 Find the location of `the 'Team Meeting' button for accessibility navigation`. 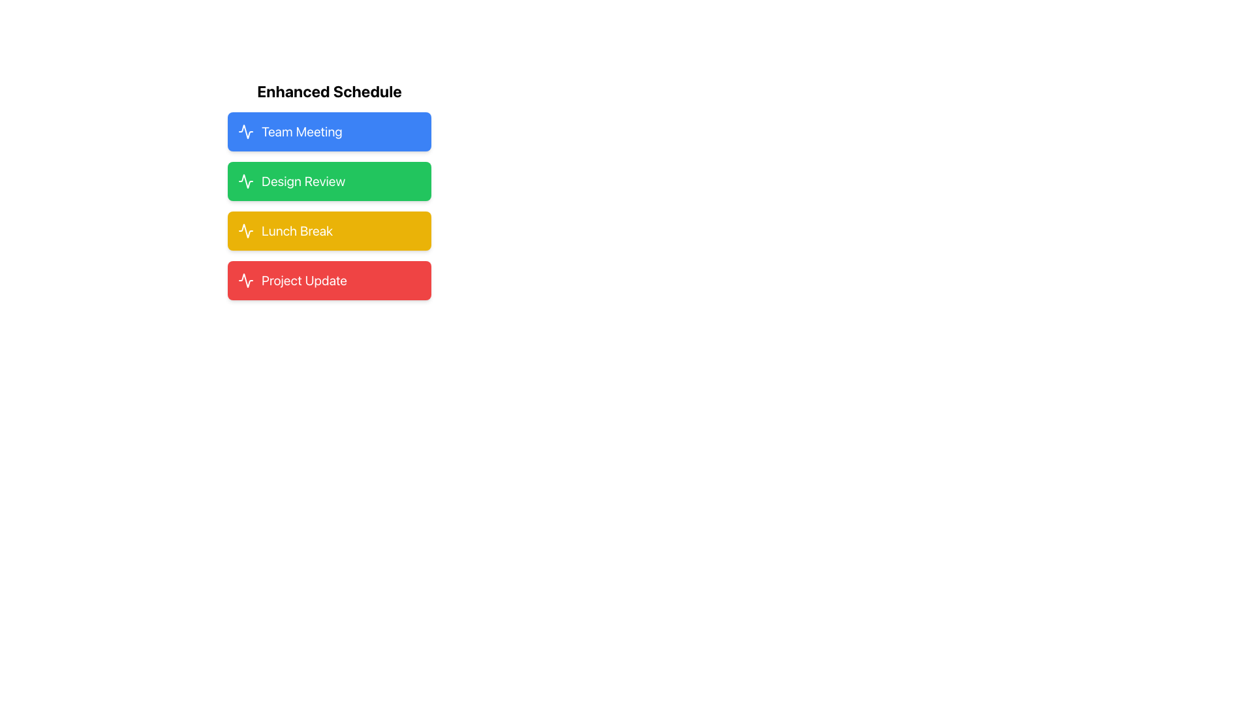

the 'Team Meeting' button for accessibility navigation is located at coordinates (329, 131).